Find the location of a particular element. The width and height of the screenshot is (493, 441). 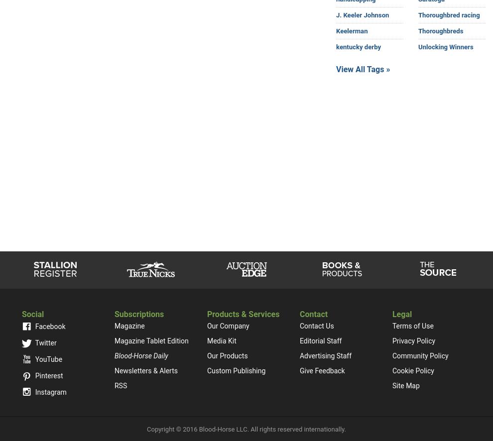

'Copyright © 2016 Blood-Horse LLC. All rights reserved internationally.' is located at coordinates (246, 429).